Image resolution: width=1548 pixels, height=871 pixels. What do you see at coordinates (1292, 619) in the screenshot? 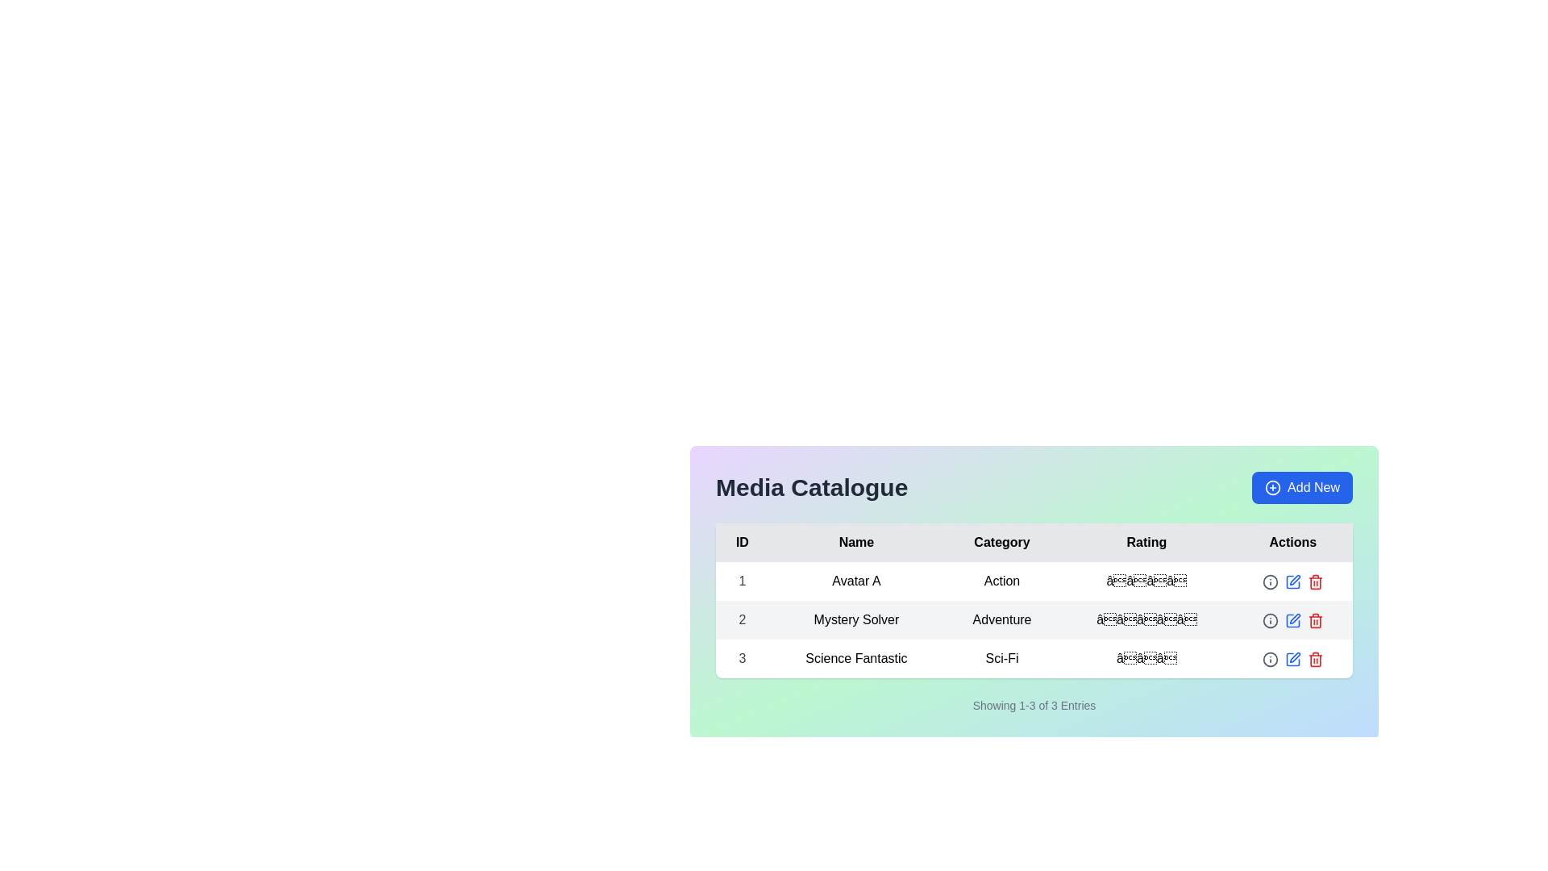
I see `the small square icon with a slanted line in the 'Actions' column of the third row for the 'Science Fantastic' entry` at bounding box center [1292, 619].